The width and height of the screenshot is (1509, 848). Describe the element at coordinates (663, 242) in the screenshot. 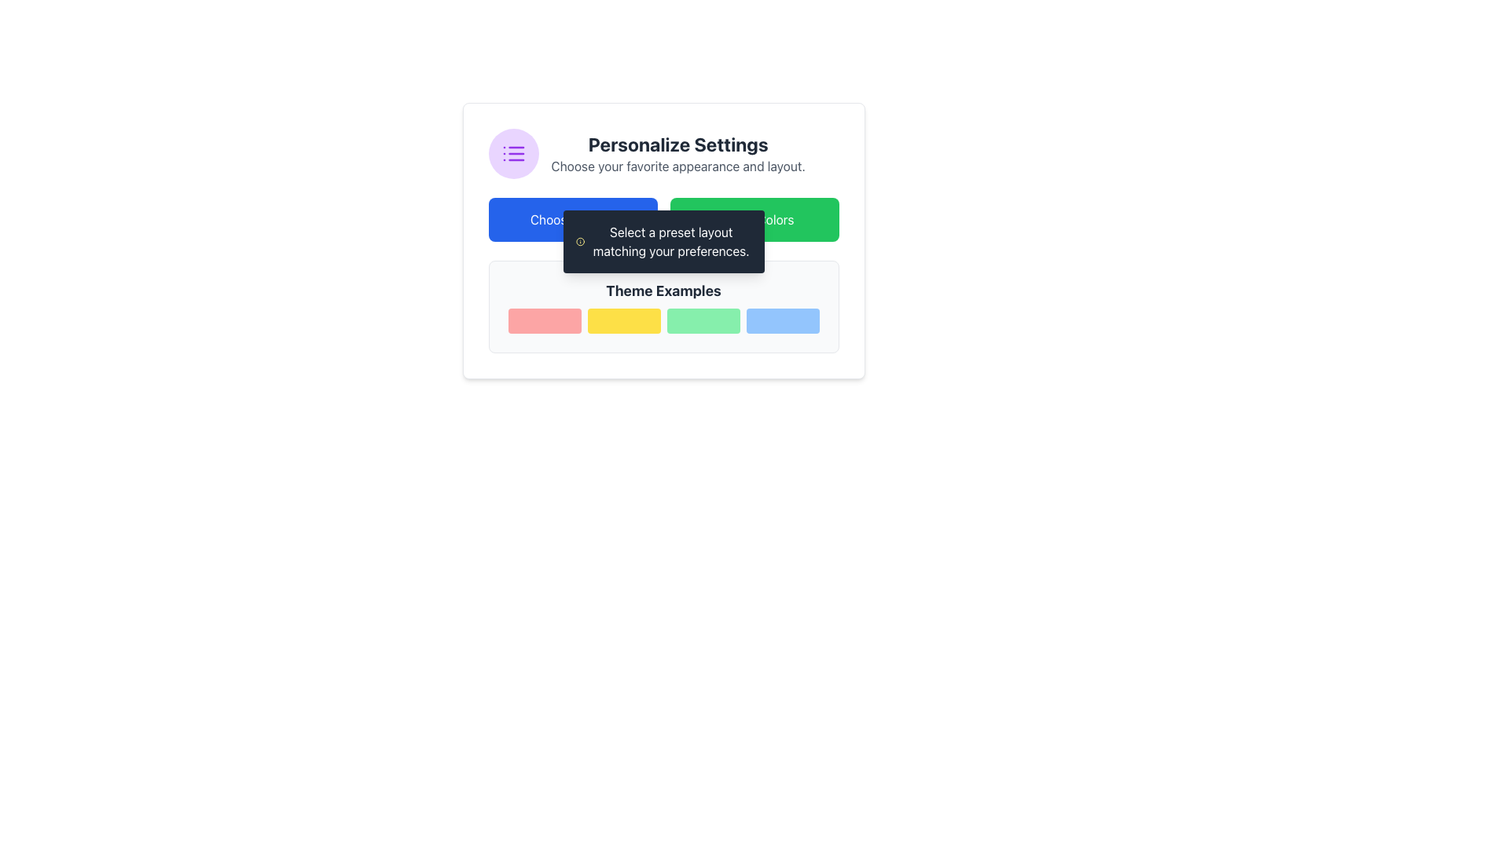

I see `the informational tooltip displaying 'Select a preset layout matching your preferences.'` at that location.